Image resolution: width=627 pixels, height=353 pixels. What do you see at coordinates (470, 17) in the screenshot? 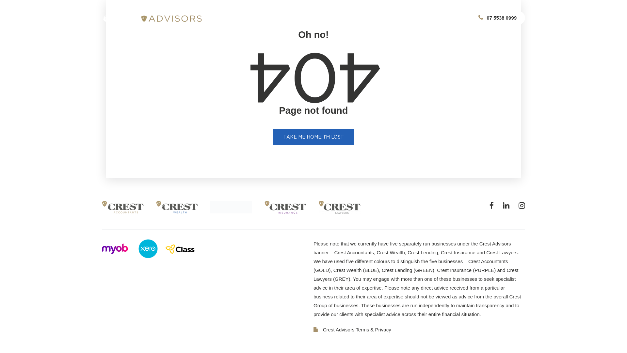
I see `'07 5538 0999'` at bounding box center [470, 17].